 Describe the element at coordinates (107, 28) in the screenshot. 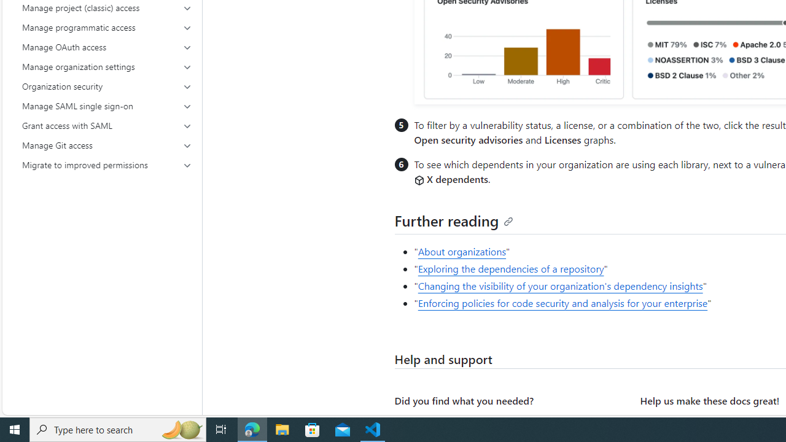

I see `'Manage programmatic access'` at that location.